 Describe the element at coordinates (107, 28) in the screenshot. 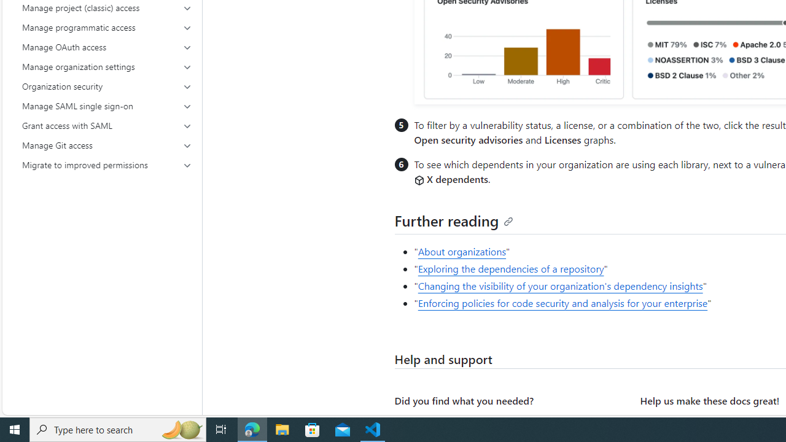

I see `'Manage programmatic access'` at that location.